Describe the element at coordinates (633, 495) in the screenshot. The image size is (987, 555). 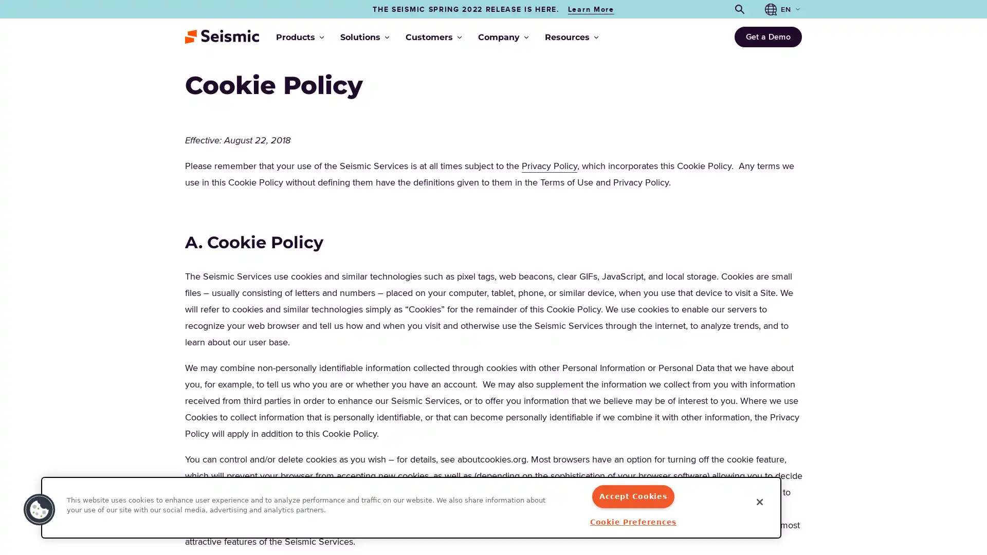
I see `Accept Cookies` at that location.